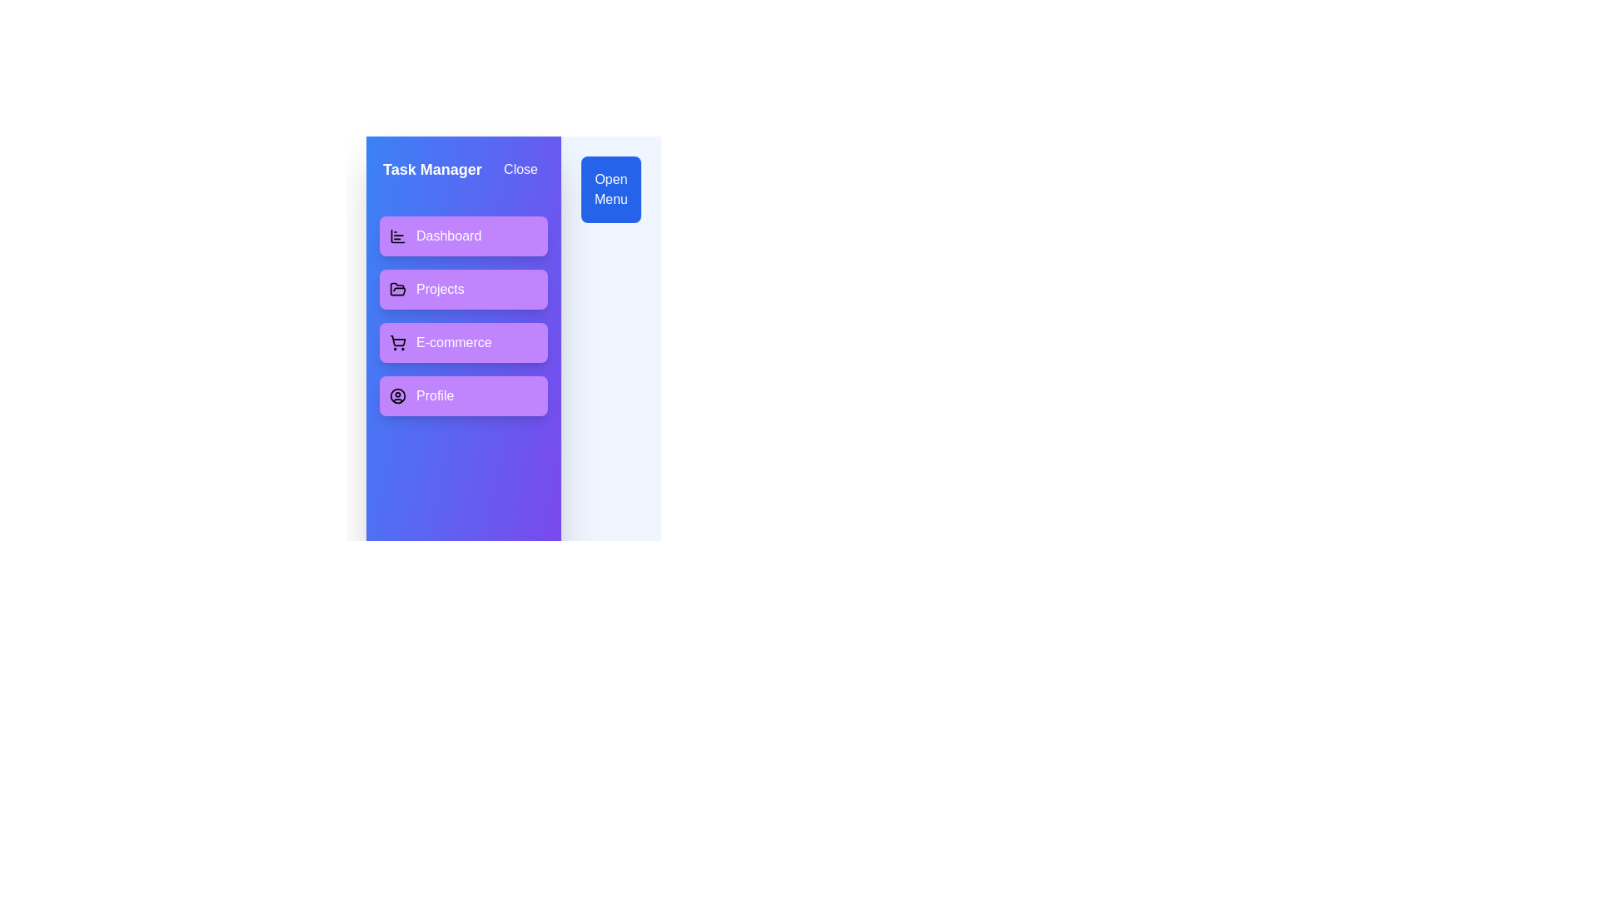  Describe the element at coordinates (463, 342) in the screenshot. I see `the E-commerce task item` at that location.